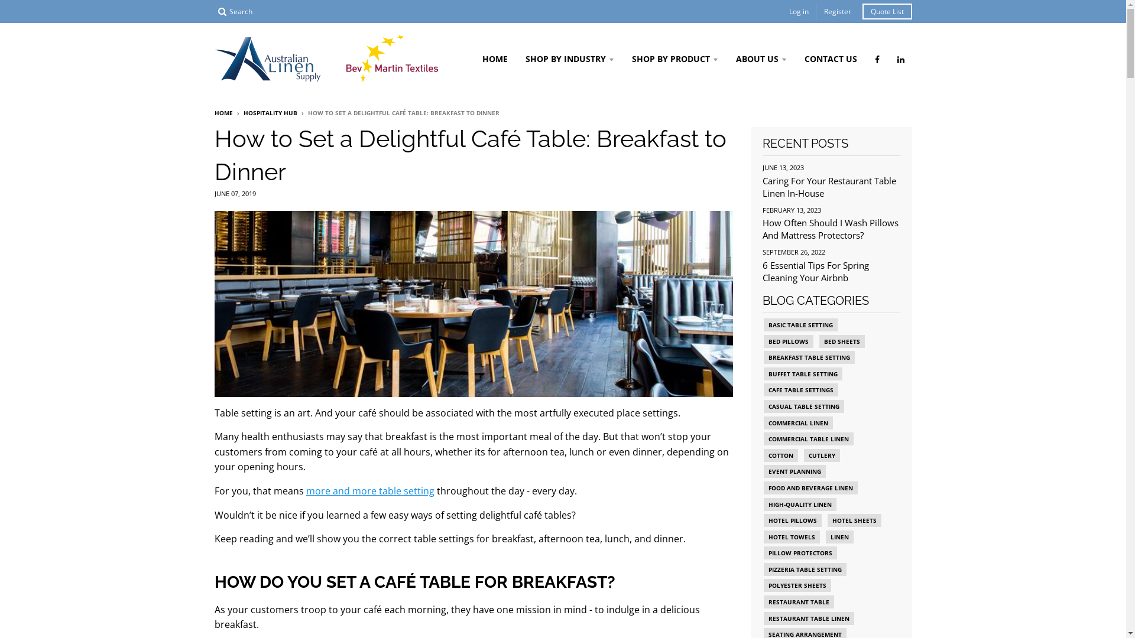 The height and width of the screenshot is (638, 1135). I want to click on 'SHOP BY PRODUCT', so click(675, 59).